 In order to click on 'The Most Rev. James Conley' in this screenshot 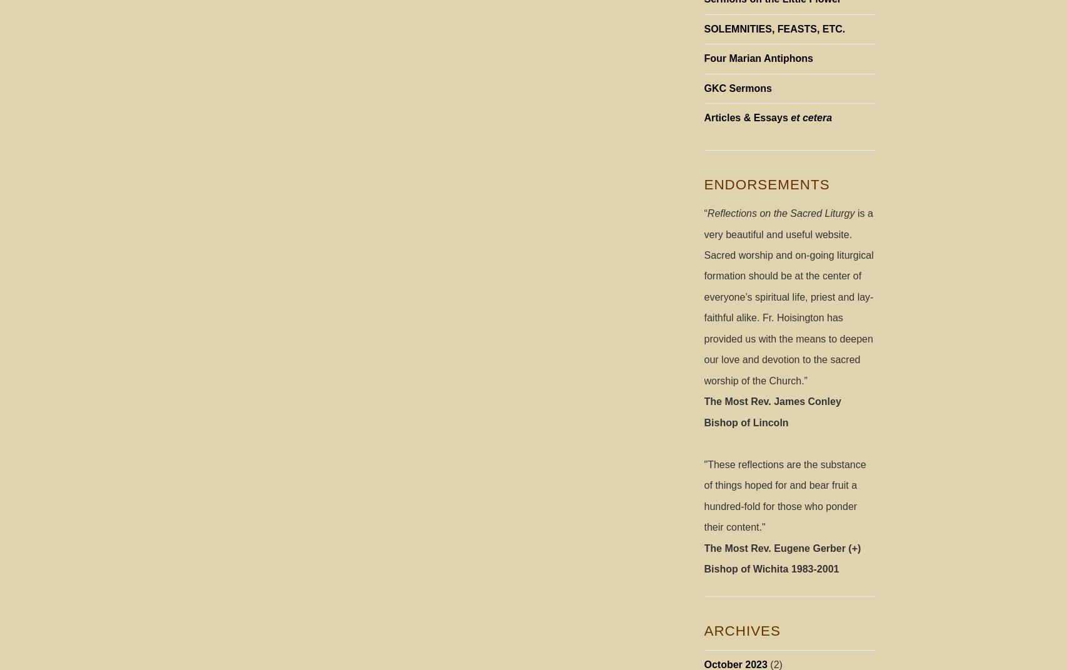, I will do `click(703, 401)`.